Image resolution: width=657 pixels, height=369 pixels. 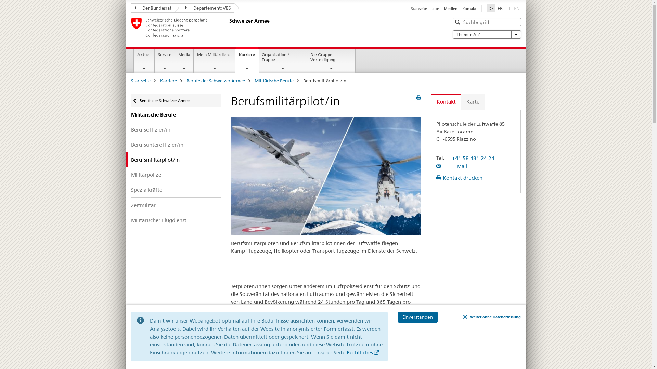 I want to click on 'Weiter ohne Datenerfassung, so click(x=492, y=317).